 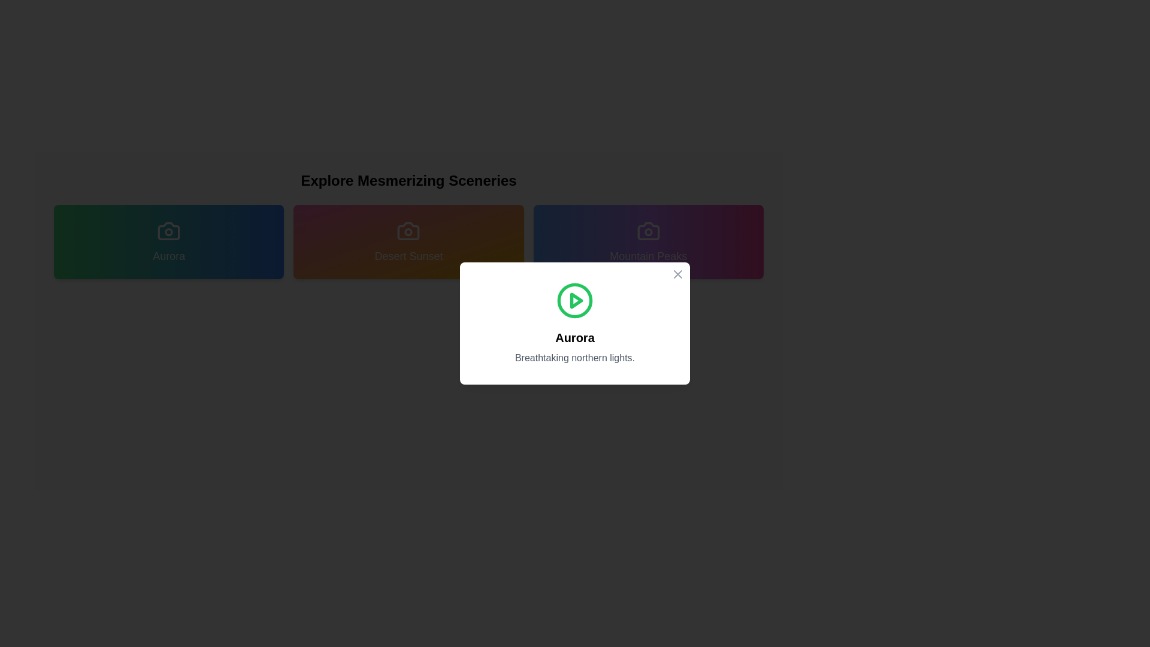 What do you see at coordinates (576, 300) in the screenshot?
I see `the play button represented by a white triangle within a green circular icon located at the center of the modal window titled 'Aurora'` at bounding box center [576, 300].